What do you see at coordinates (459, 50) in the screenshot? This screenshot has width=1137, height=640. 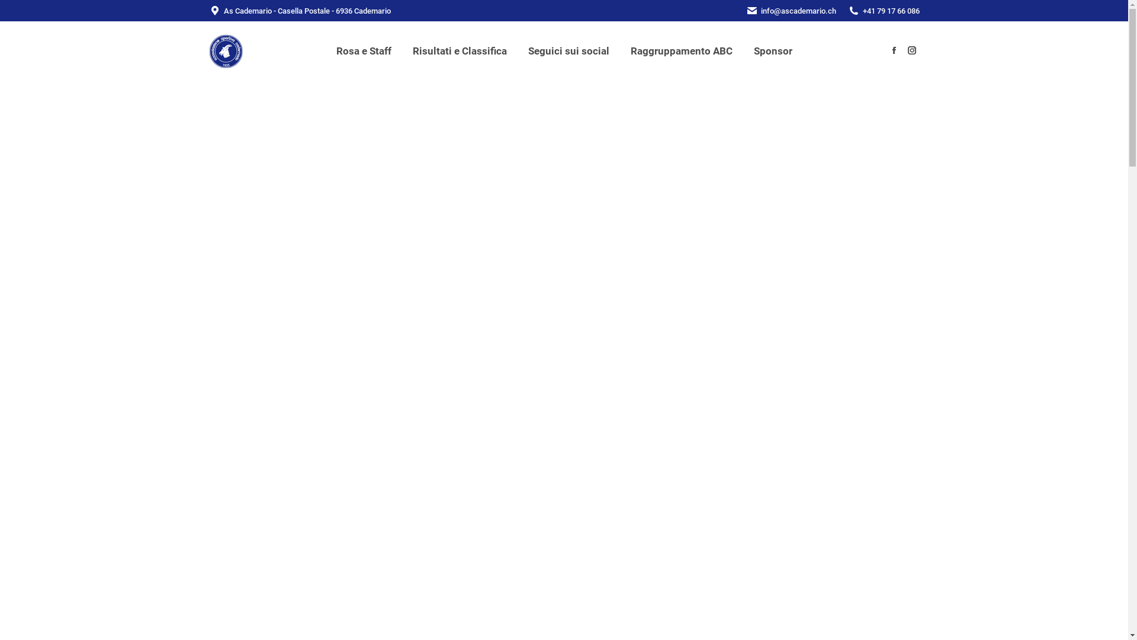 I see `'Risultati e Classifica'` at bounding box center [459, 50].